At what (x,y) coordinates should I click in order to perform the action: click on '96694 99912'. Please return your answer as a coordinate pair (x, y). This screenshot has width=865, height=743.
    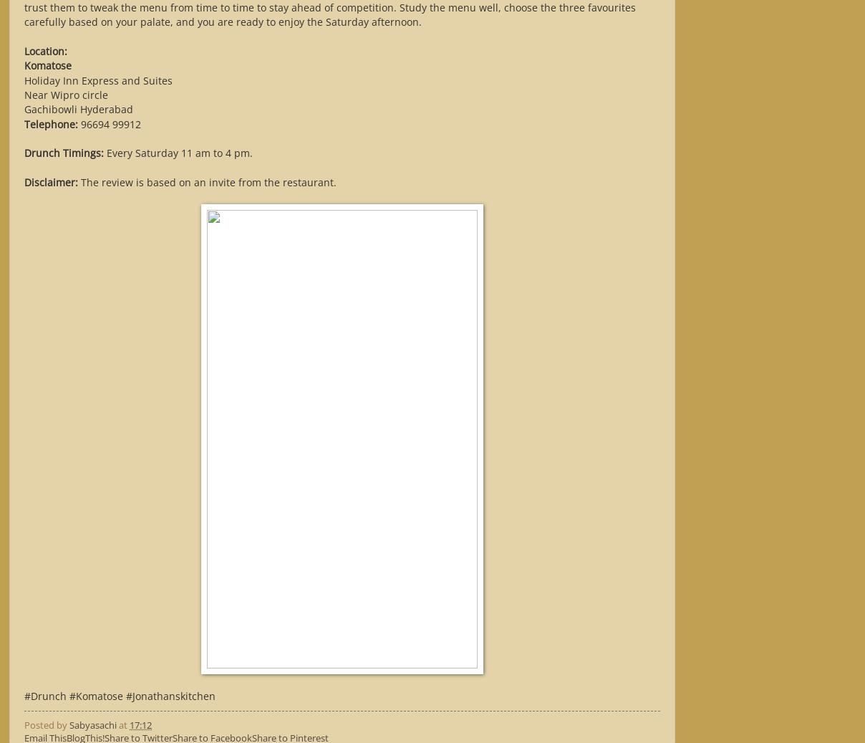
    Looking at the image, I should click on (110, 123).